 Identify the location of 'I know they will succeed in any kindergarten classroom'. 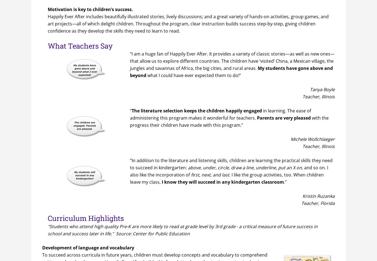
(222, 182).